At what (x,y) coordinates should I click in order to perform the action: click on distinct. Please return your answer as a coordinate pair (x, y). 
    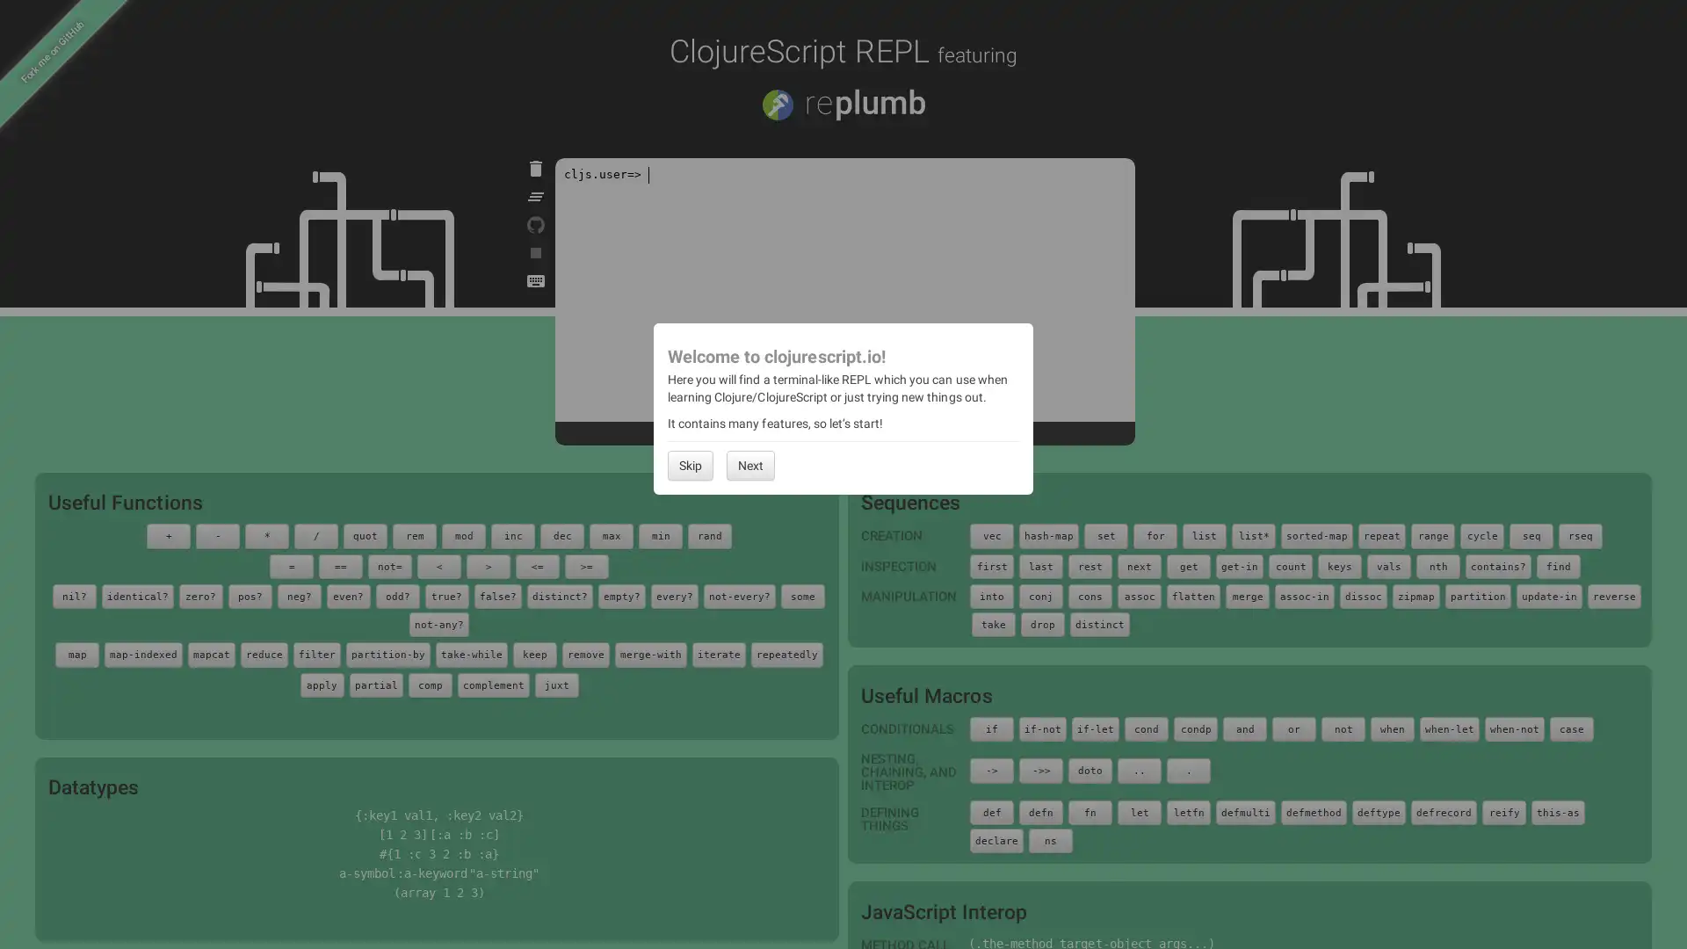
    Looking at the image, I should click on (1099, 623).